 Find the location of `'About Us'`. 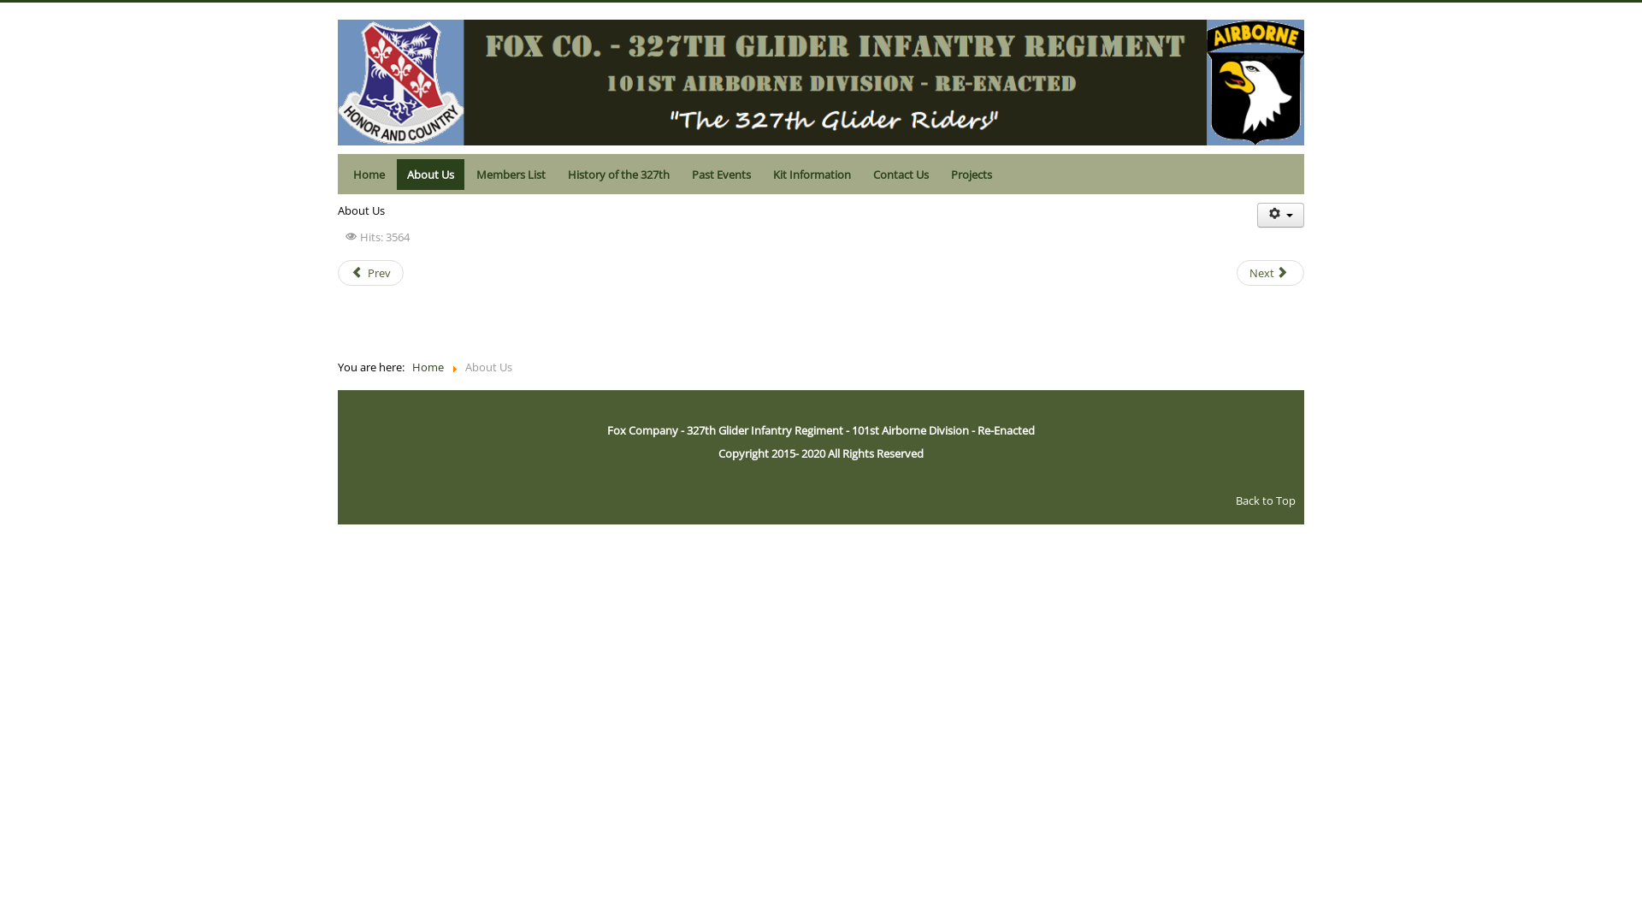

'About Us' is located at coordinates (396, 175).